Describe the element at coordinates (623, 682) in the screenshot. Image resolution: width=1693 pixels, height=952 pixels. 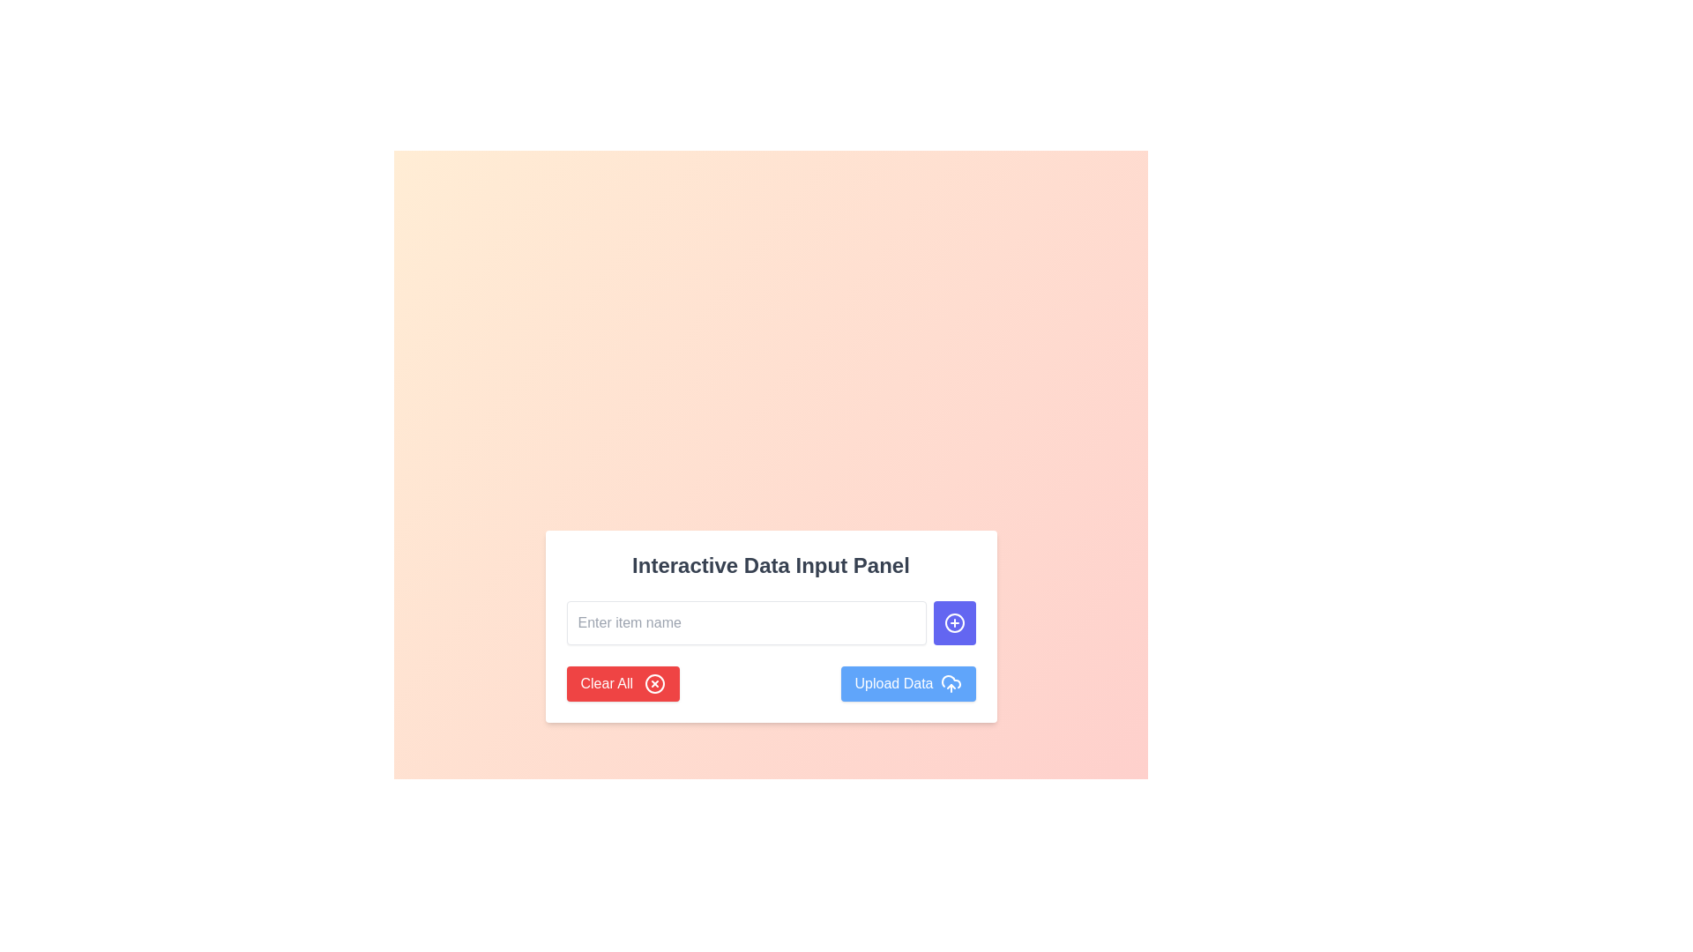
I see `the 'Clear All Upload Data' button located on the left side of the interface, below the 'Enter item name' text input field and to the left of the 'Upload Data' button` at that location.